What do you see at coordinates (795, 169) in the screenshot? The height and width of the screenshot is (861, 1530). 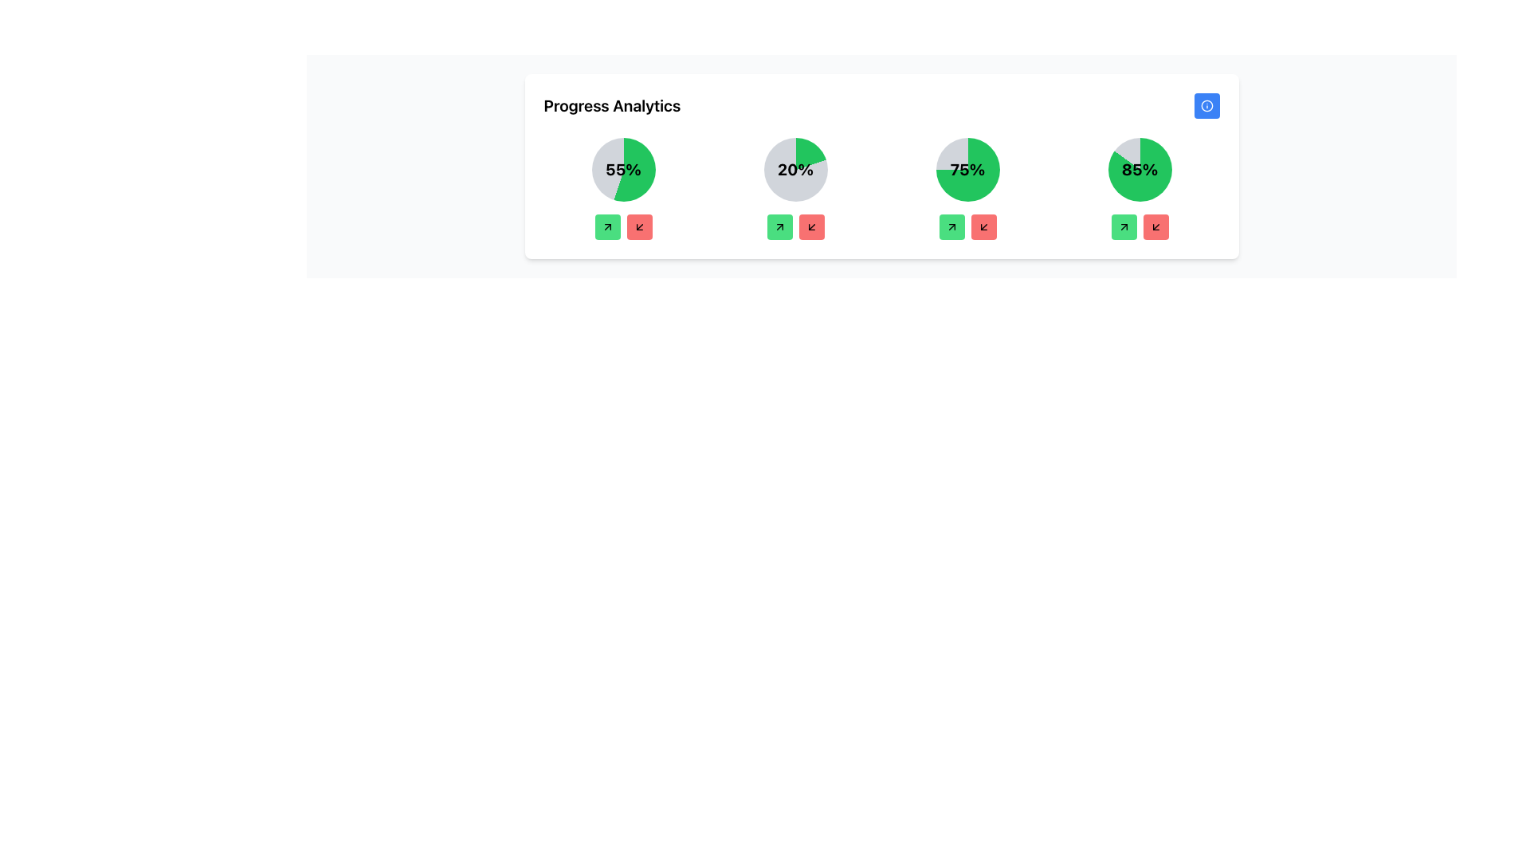 I see `the progress represented by the second progress circle in the progress analytics section, which shows 20% completion` at bounding box center [795, 169].